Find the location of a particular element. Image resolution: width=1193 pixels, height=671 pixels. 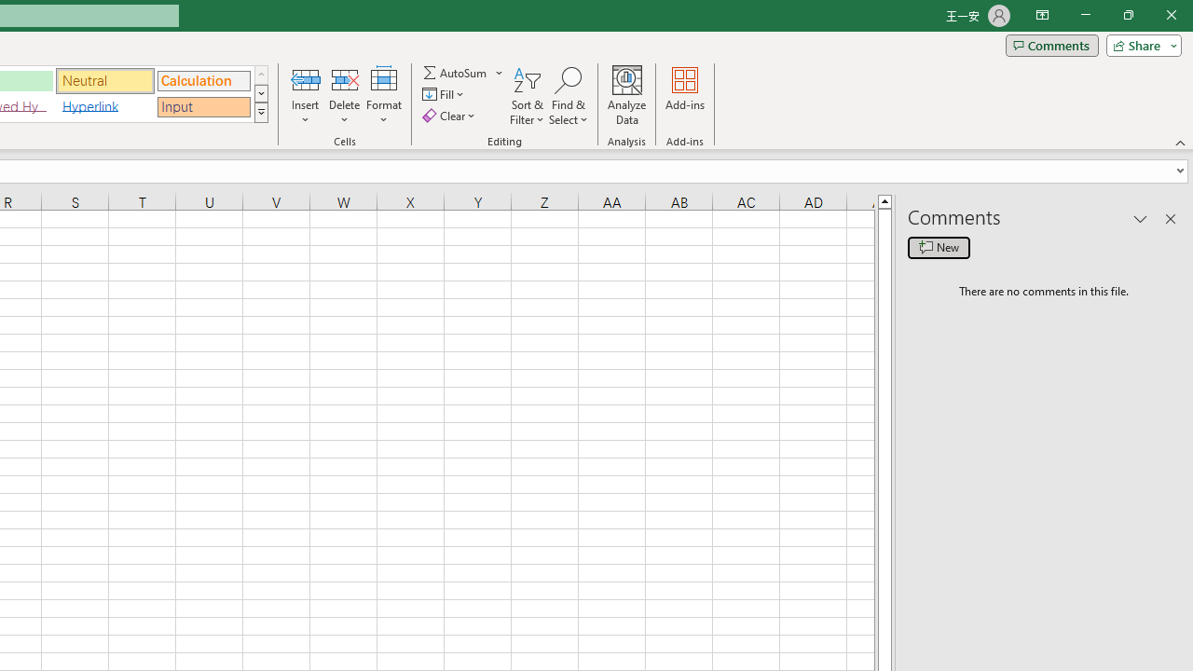

'Fill' is located at coordinates (445, 94).